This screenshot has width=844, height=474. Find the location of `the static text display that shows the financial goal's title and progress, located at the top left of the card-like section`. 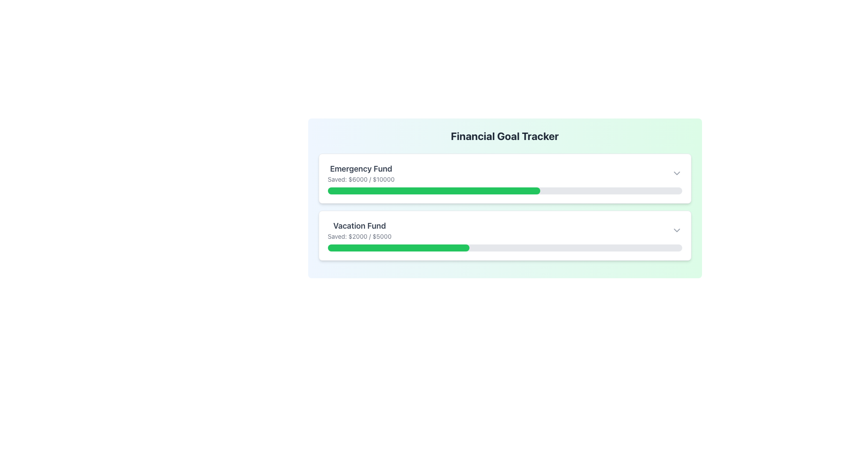

the static text display that shows the financial goal's title and progress, located at the top left of the card-like section is located at coordinates (361, 173).